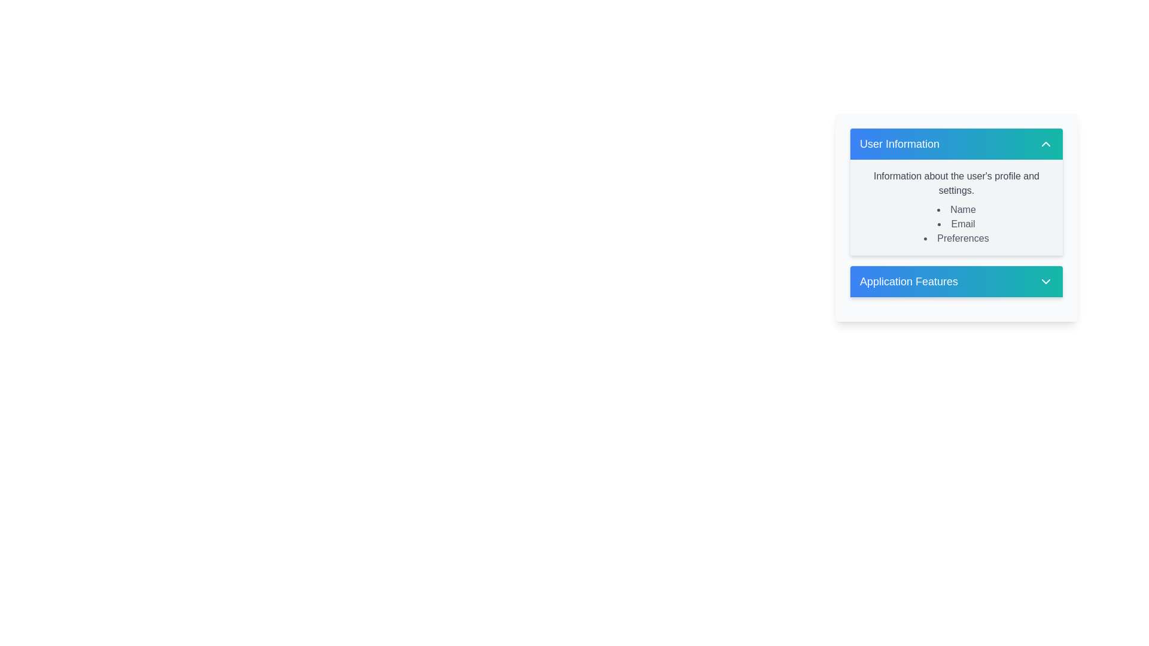  Describe the element at coordinates (1045, 143) in the screenshot. I see `the collapse/expand icon located at the far right of the 'User Information' section header` at that location.